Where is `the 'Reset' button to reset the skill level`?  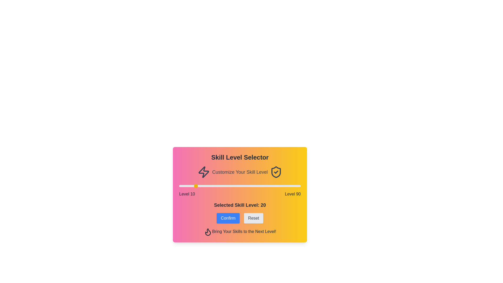 the 'Reset' button to reset the skill level is located at coordinates (254, 218).